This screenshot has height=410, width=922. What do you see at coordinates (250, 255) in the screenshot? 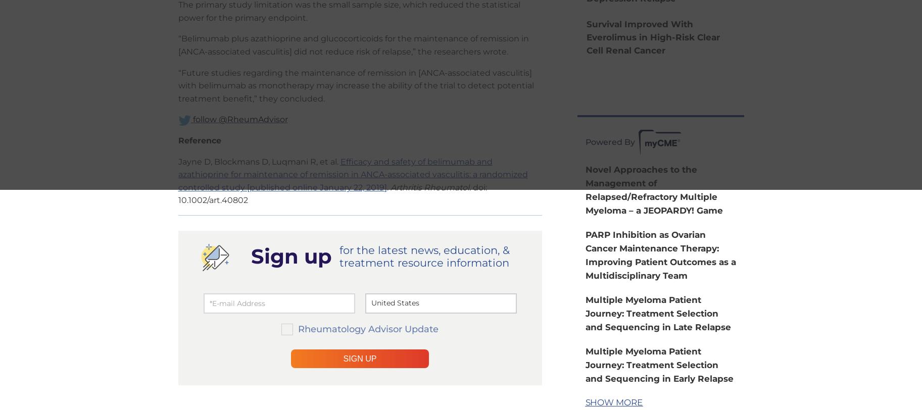
I see `'Sign up'` at bounding box center [250, 255].